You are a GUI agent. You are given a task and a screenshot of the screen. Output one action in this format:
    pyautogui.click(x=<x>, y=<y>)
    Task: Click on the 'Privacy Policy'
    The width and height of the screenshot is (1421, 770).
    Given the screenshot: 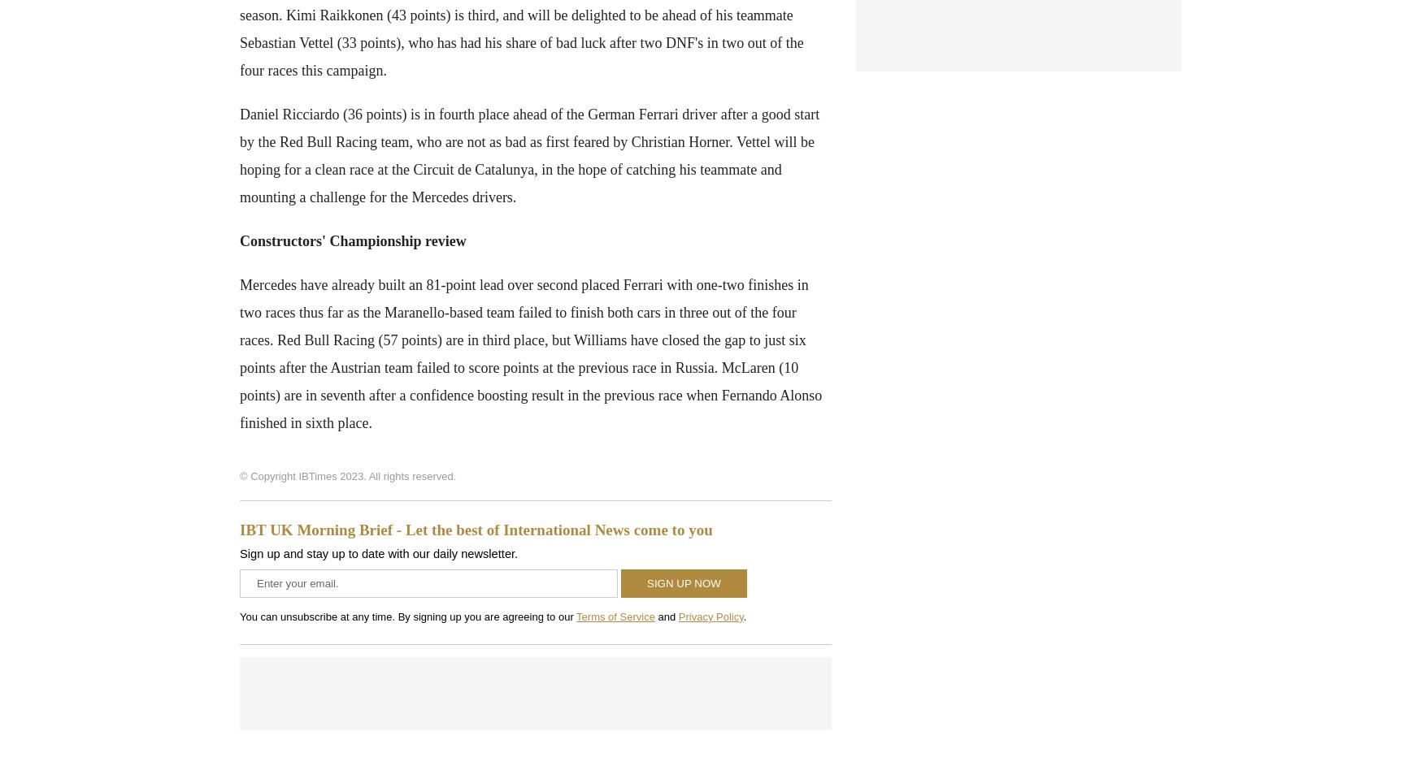 What is the action you would take?
    pyautogui.click(x=710, y=616)
    